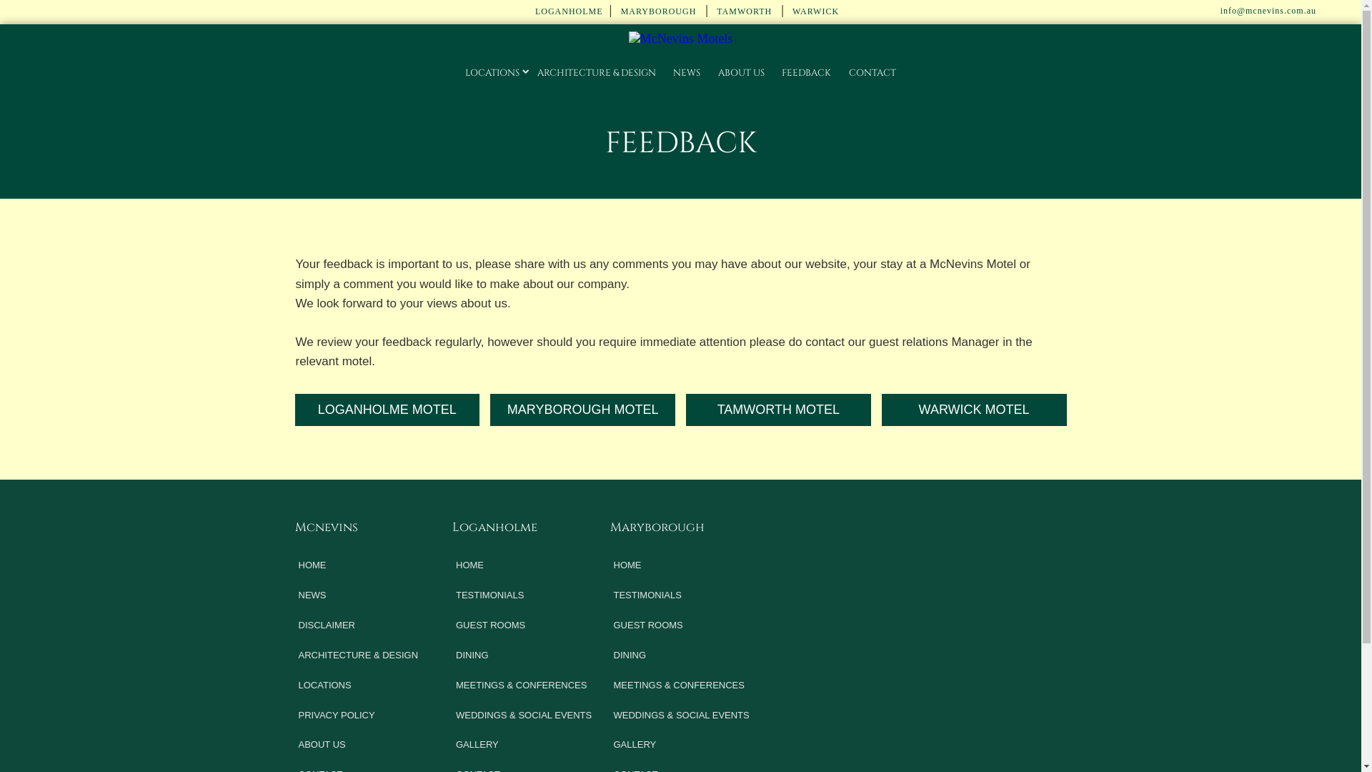 Image resolution: width=1372 pixels, height=772 pixels. What do you see at coordinates (689, 595) in the screenshot?
I see `'TESTIMONIALS'` at bounding box center [689, 595].